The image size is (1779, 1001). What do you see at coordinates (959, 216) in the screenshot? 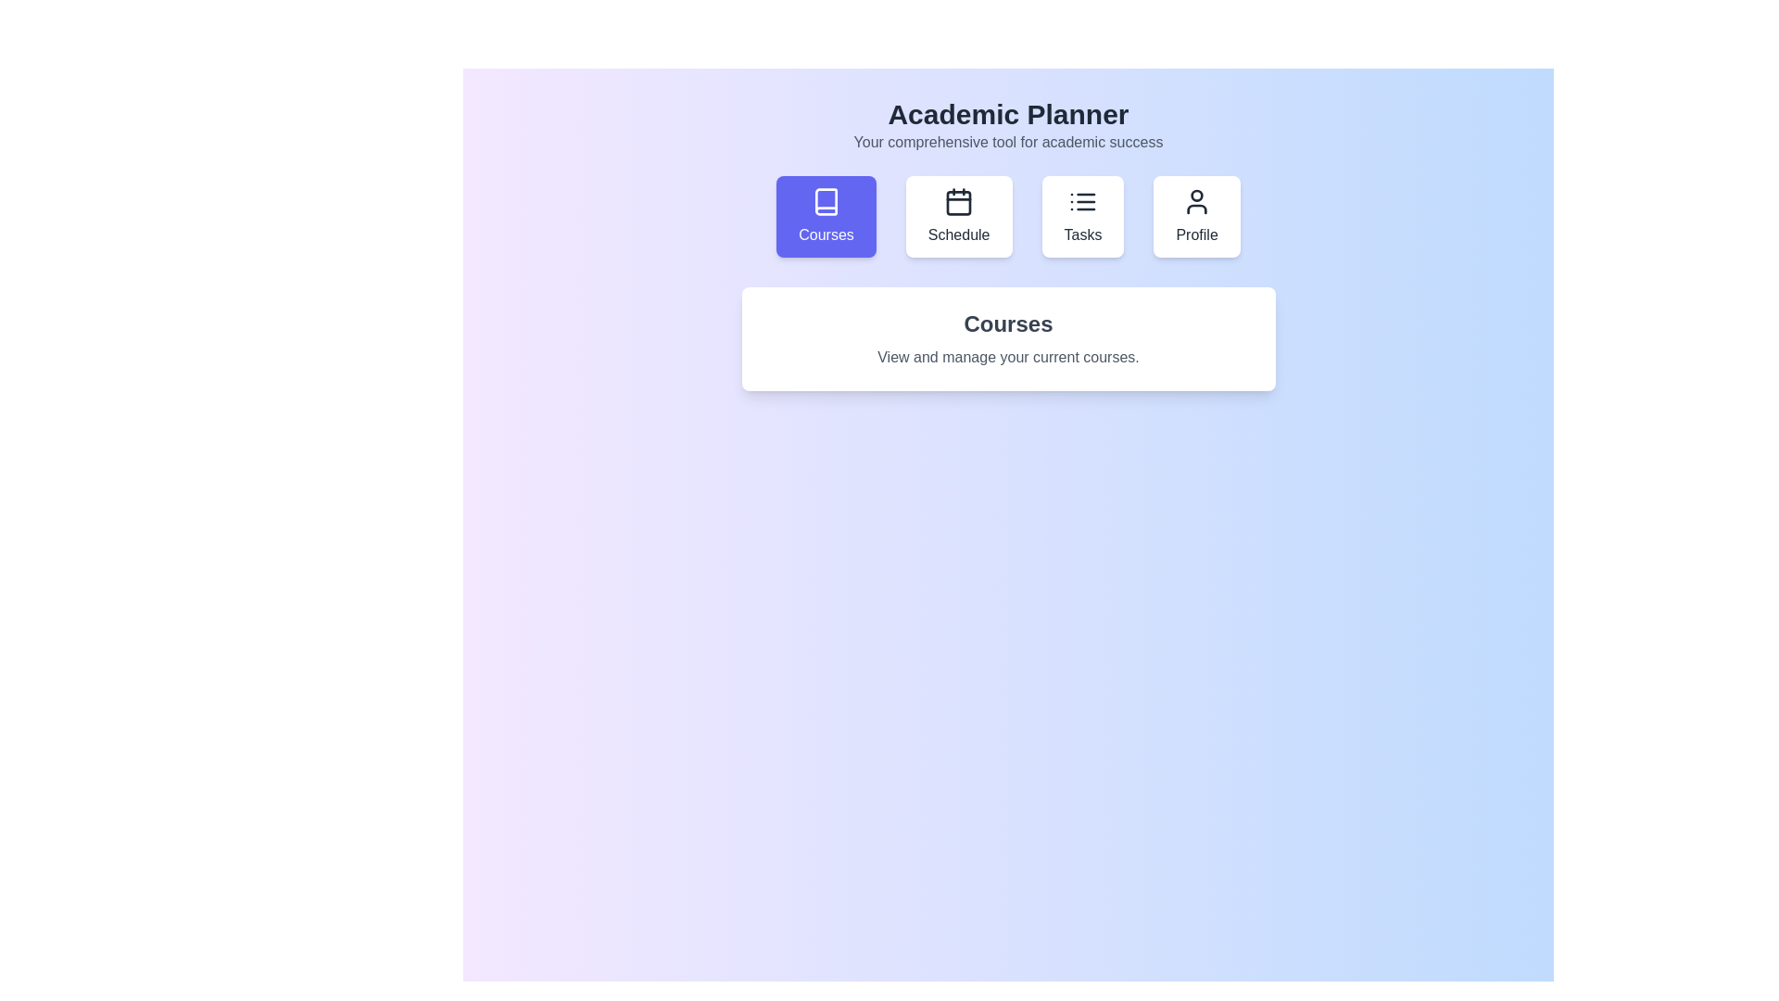
I see `the Schedule tab to view its content` at bounding box center [959, 216].